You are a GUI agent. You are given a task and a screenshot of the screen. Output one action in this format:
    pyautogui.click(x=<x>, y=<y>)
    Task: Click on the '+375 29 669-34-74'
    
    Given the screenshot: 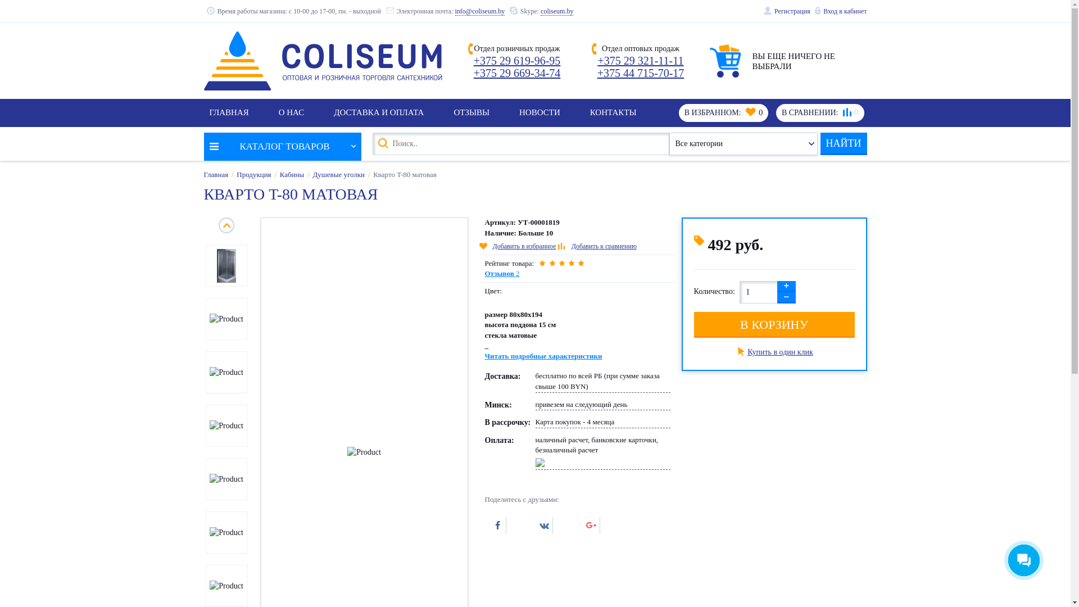 What is the action you would take?
    pyautogui.click(x=516, y=73)
    